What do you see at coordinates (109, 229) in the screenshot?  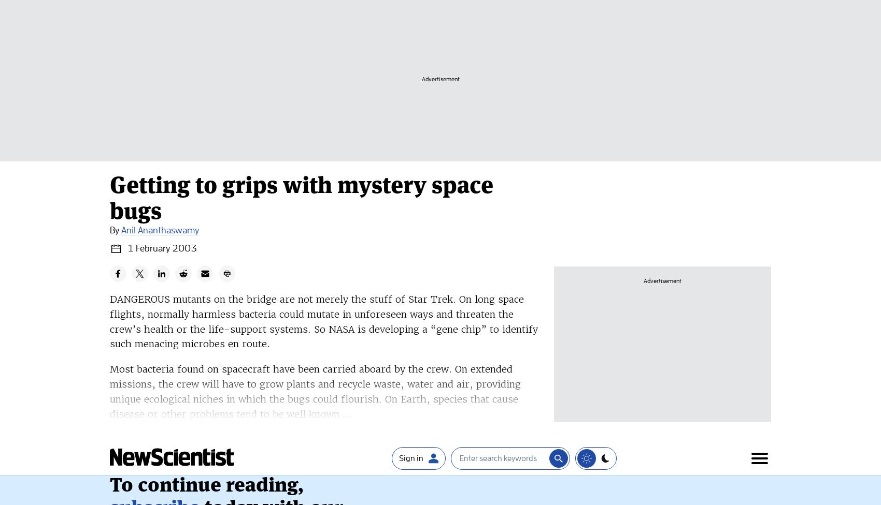 I see `'Inclusive of applicable taxes (VAT)'` at bounding box center [109, 229].